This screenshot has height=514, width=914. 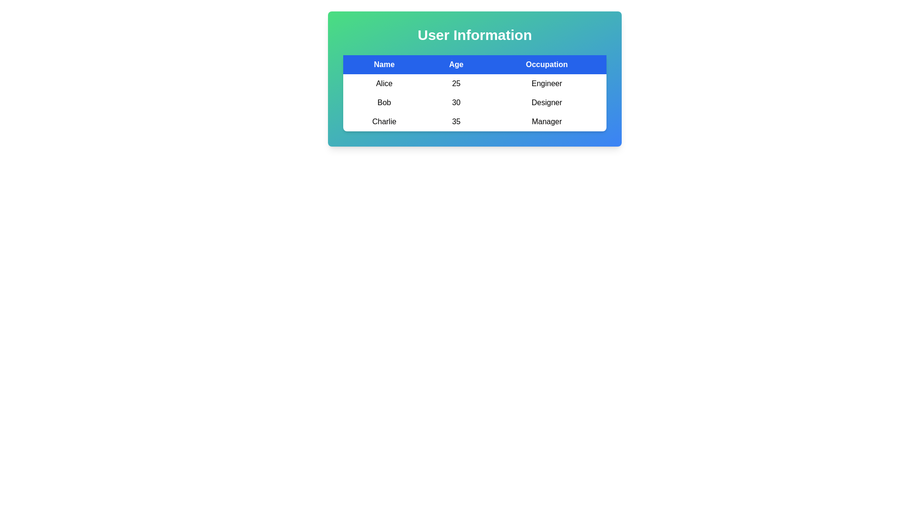 What do you see at coordinates (546, 64) in the screenshot?
I see `text from the header cell labeled 'Occupation', which is displayed in a white font on a solid blue background, positioned as the third column in the table header row` at bounding box center [546, 64].